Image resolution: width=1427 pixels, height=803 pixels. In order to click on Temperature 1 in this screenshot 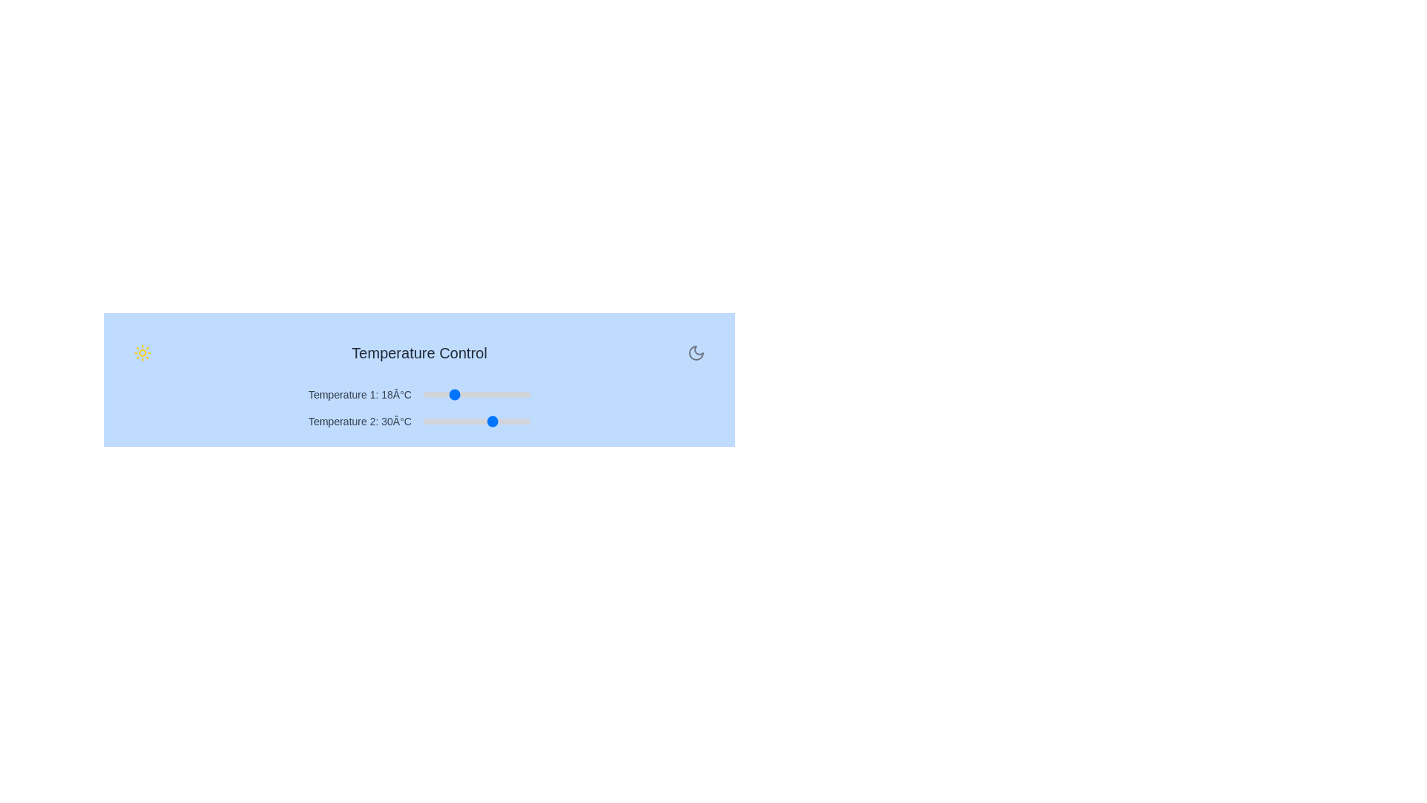, I will do `click(480, 394)`.